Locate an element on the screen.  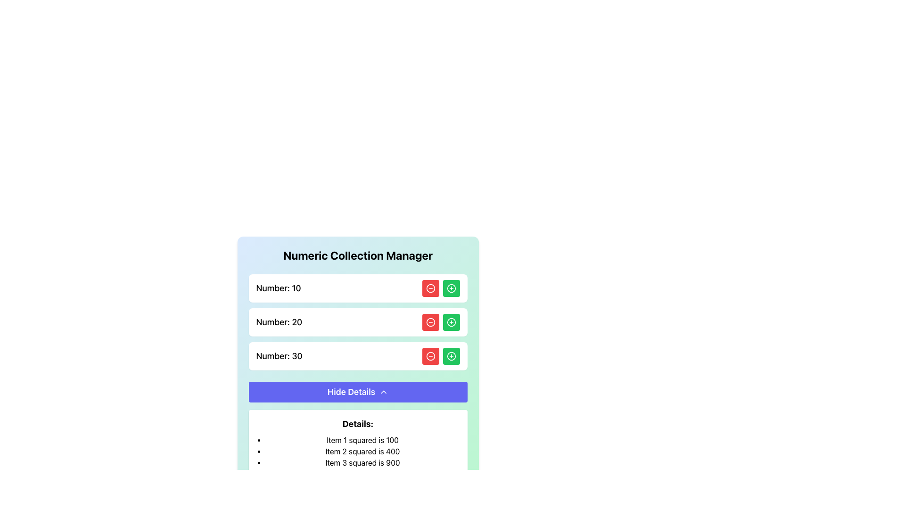
the unordered list displaying three items with bullets, which mentions numerical values and their squares, located under the 'Details:' section is located at coordinates (357, 451).